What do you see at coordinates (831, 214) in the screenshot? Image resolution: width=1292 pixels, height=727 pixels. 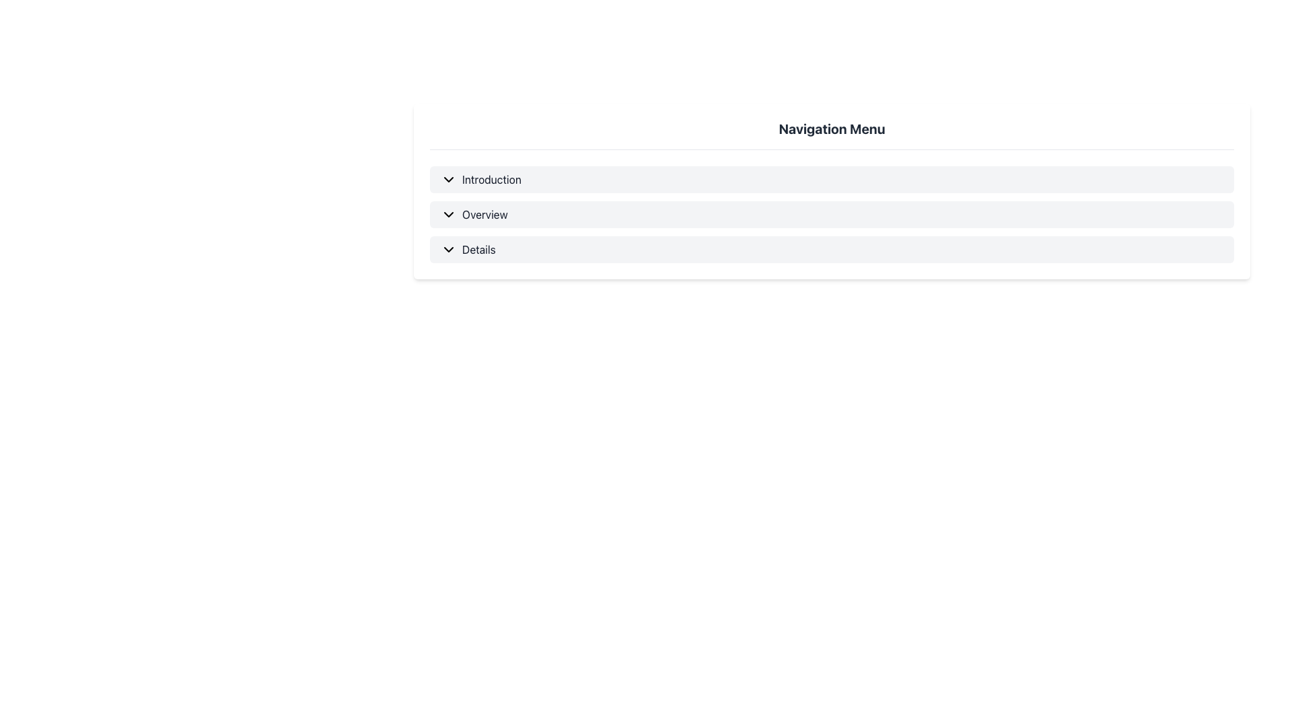 I see `the 'Overview' collapsible menu item` at bounding box center [831, 214].